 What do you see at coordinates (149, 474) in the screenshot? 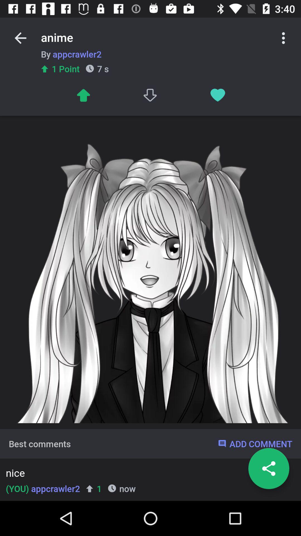
I see `nice` at bounding box center [149, 474].